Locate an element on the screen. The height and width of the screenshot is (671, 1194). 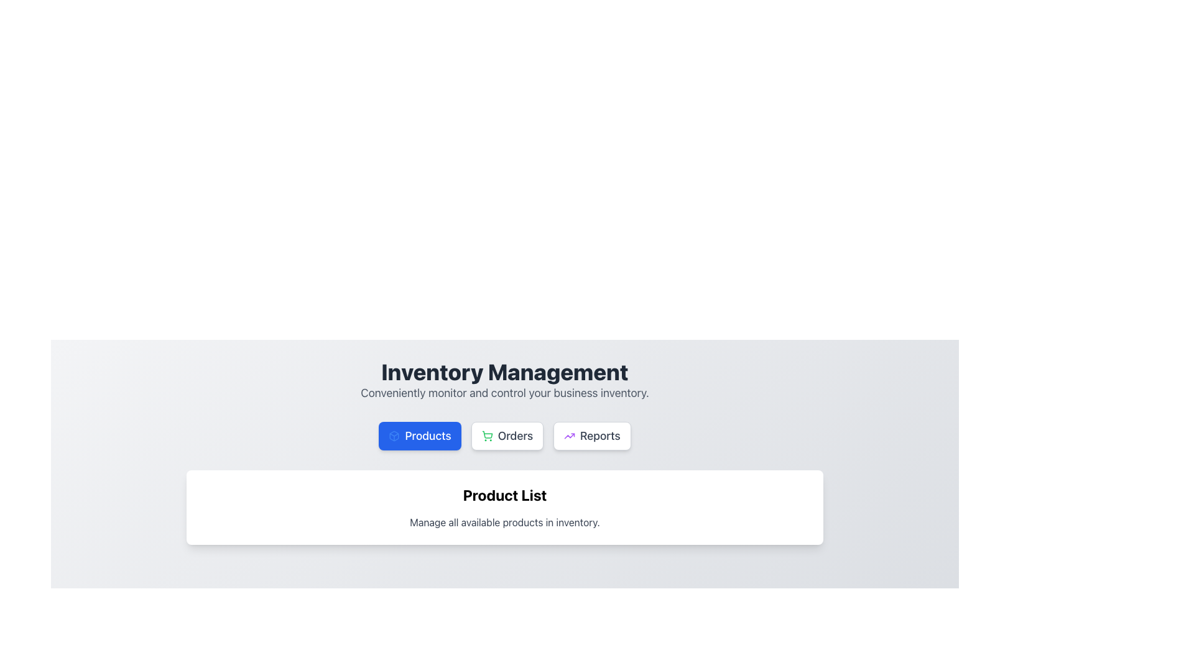
keyboard navigation is located at coordinates (591, 436).